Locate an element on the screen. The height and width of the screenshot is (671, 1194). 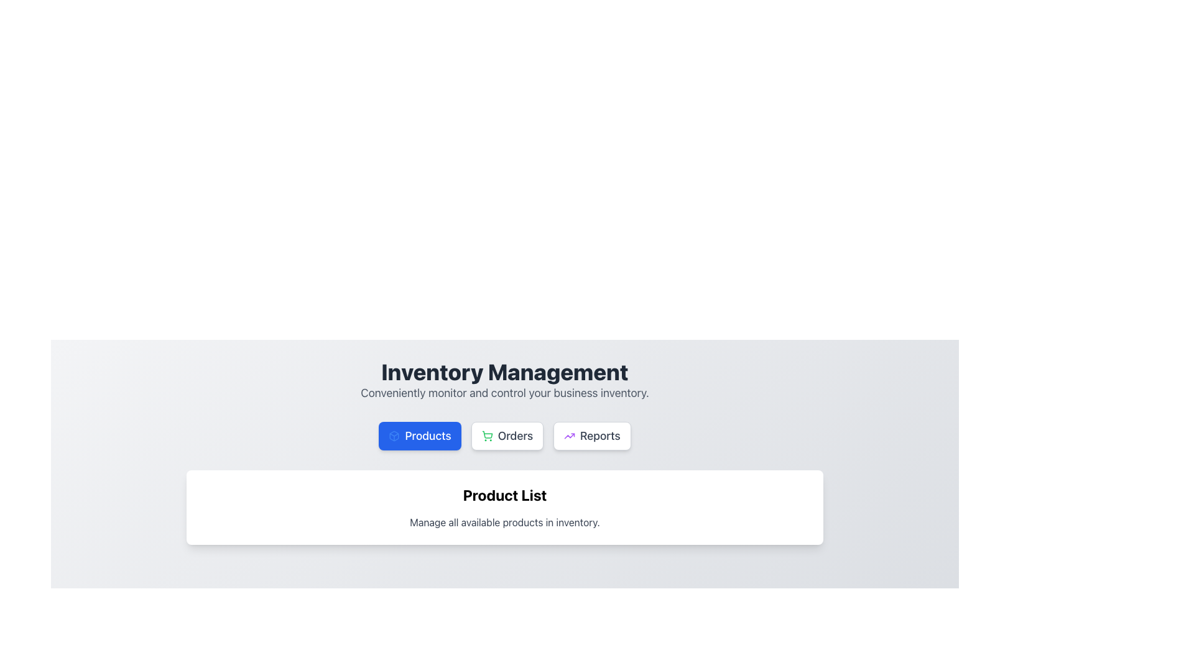
keyboard navigation is located at coordinates (591, 436).